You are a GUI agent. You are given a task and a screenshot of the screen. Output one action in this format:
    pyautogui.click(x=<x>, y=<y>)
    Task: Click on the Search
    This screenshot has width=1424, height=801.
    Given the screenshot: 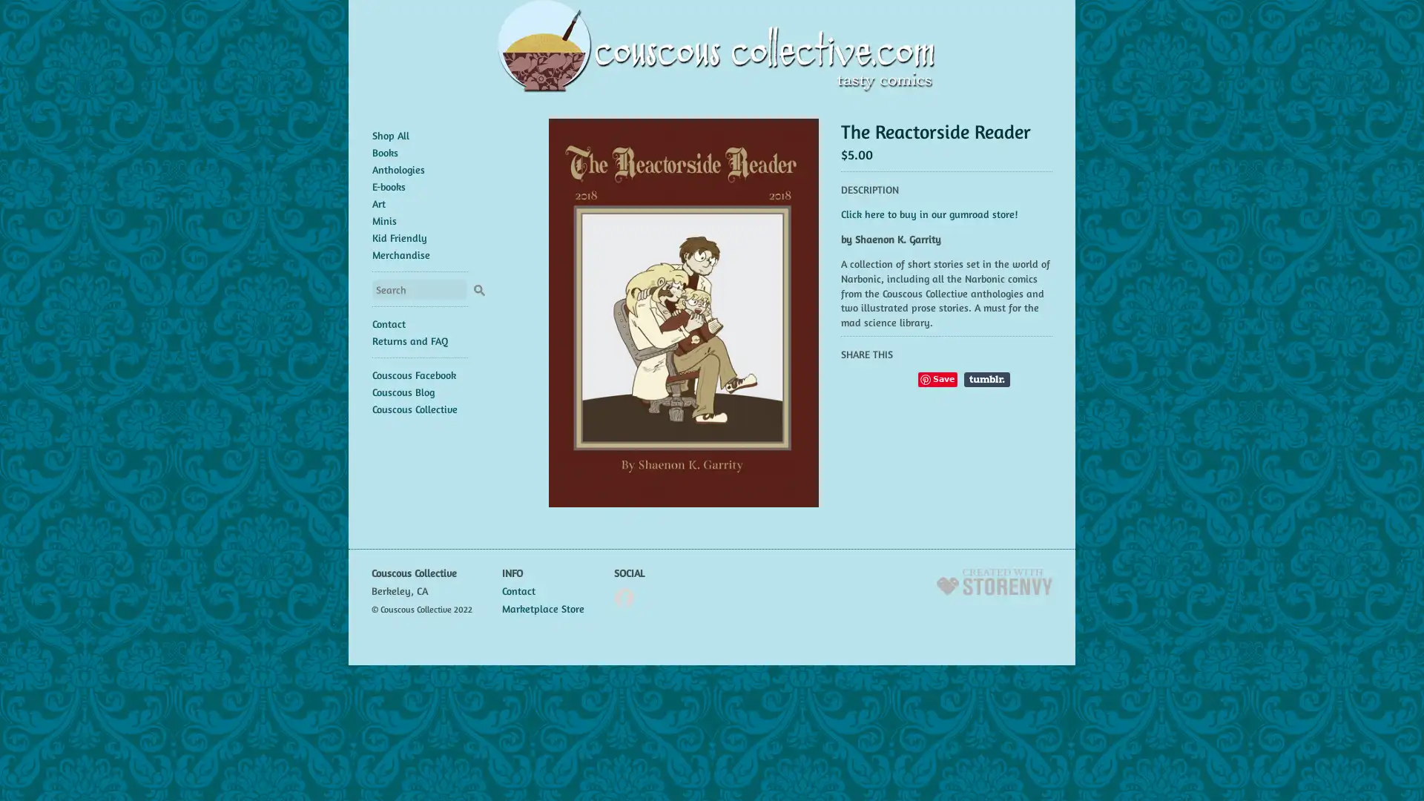 What is the action you would take?
    pyautogui.click(x=478, y=288)
    